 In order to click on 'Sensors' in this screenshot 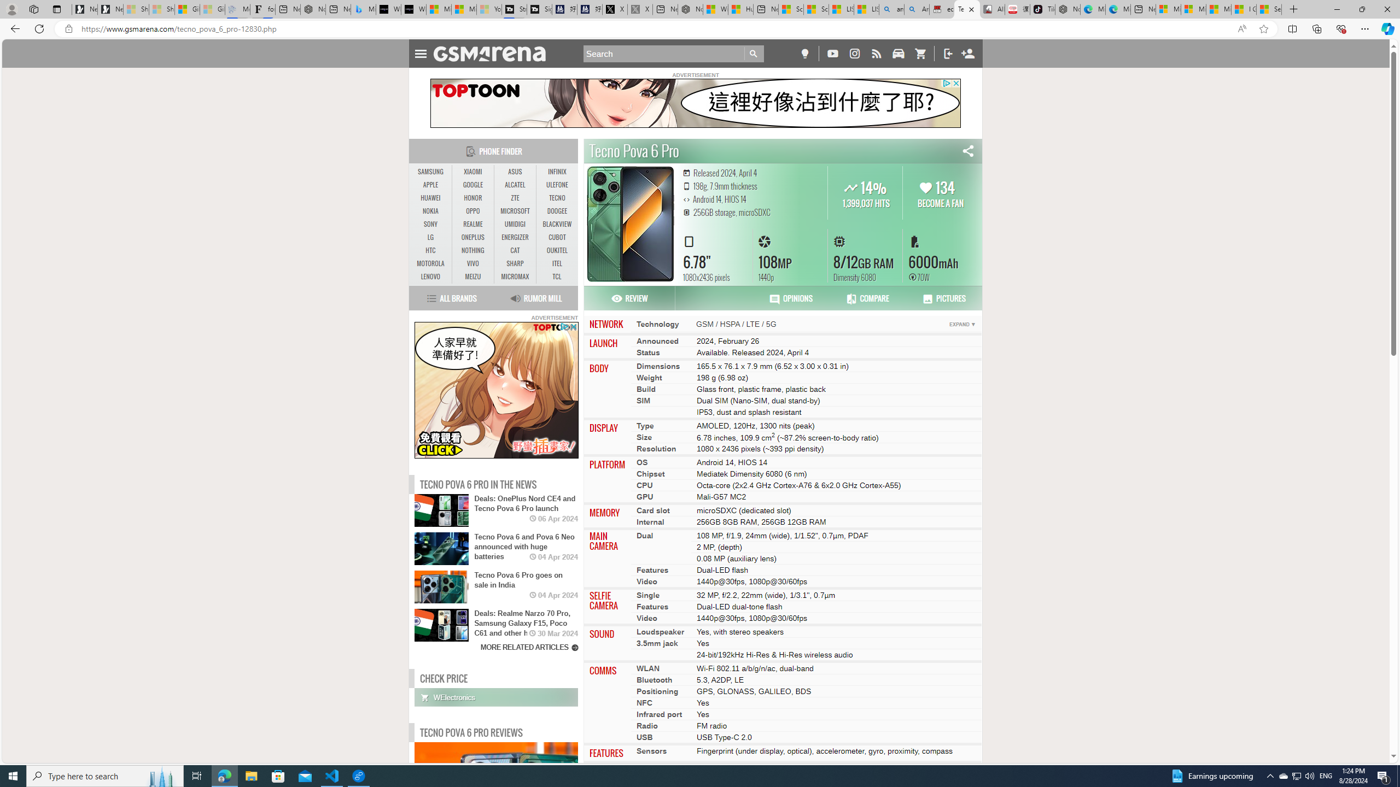, I will do `click(651, 751)`.